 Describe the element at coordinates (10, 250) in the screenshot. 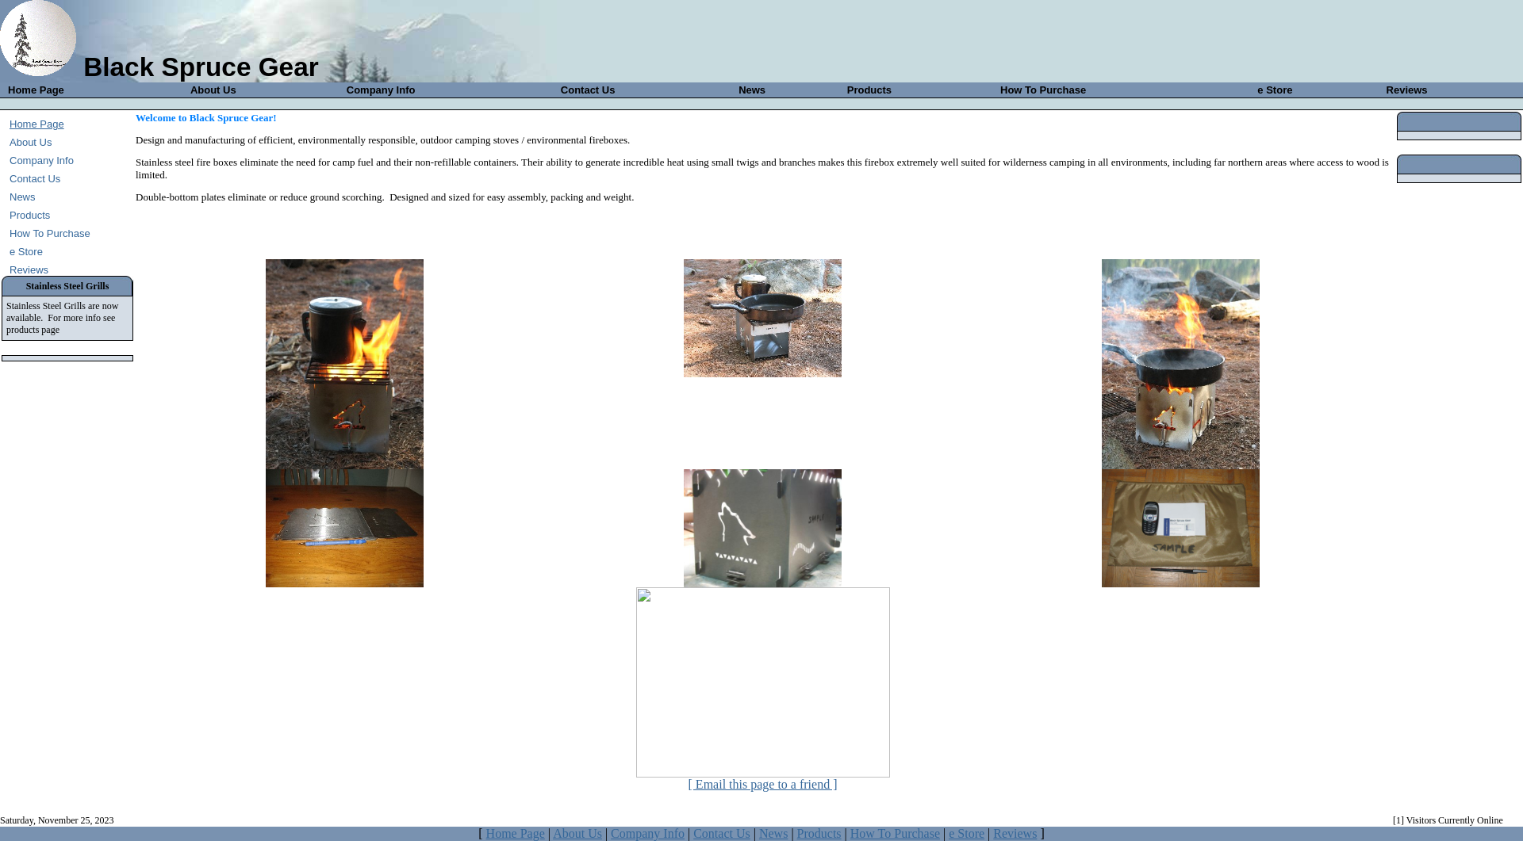

I see `'e Store'` at that location.